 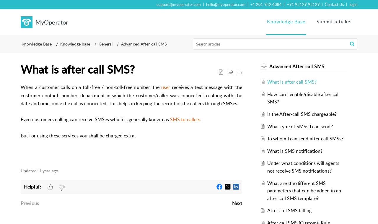 What do you see at coordinates (29, 203) in the screenshot?
I see `'Previous'` at bounding box center [29, 203].